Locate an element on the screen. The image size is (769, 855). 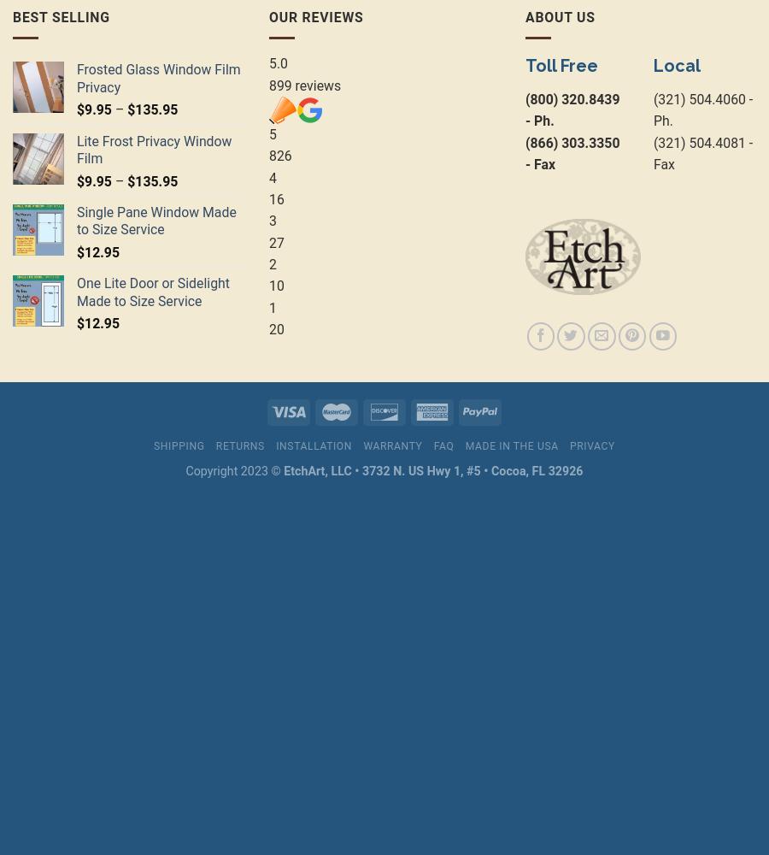
'One Lite Door or Sidelight Made to Size Service' is located at coordinates (153, 291).